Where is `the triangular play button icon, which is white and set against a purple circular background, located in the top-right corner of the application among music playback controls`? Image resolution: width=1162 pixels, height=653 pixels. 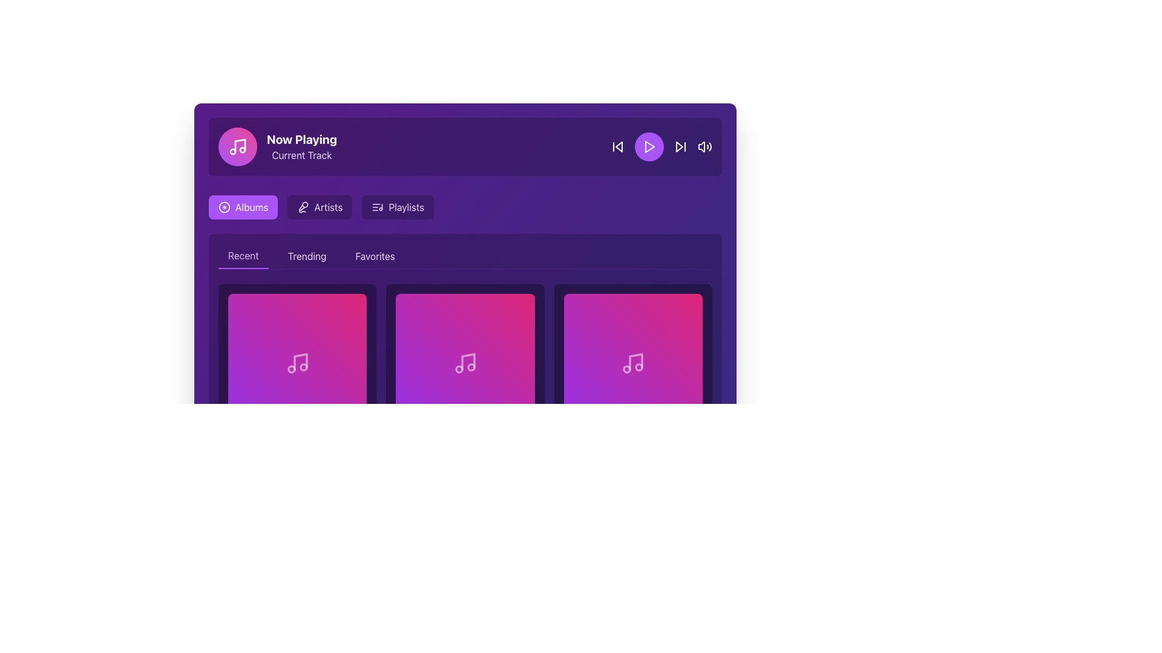
the triangular play button icon, which is white and set against a purple circular background, located in the top-right corner of the application among music playback controls is located at coordinates (649, 146).